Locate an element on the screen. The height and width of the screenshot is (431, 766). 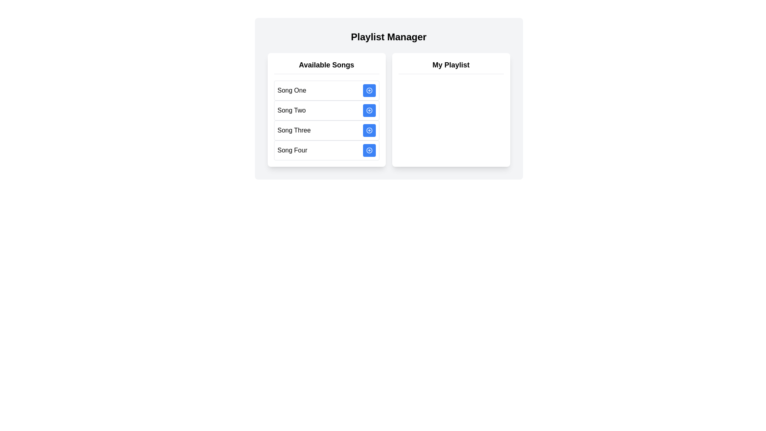
'Add' button next to the song titled Song Three to add it to the playlist is located at coordinates (369, 130).